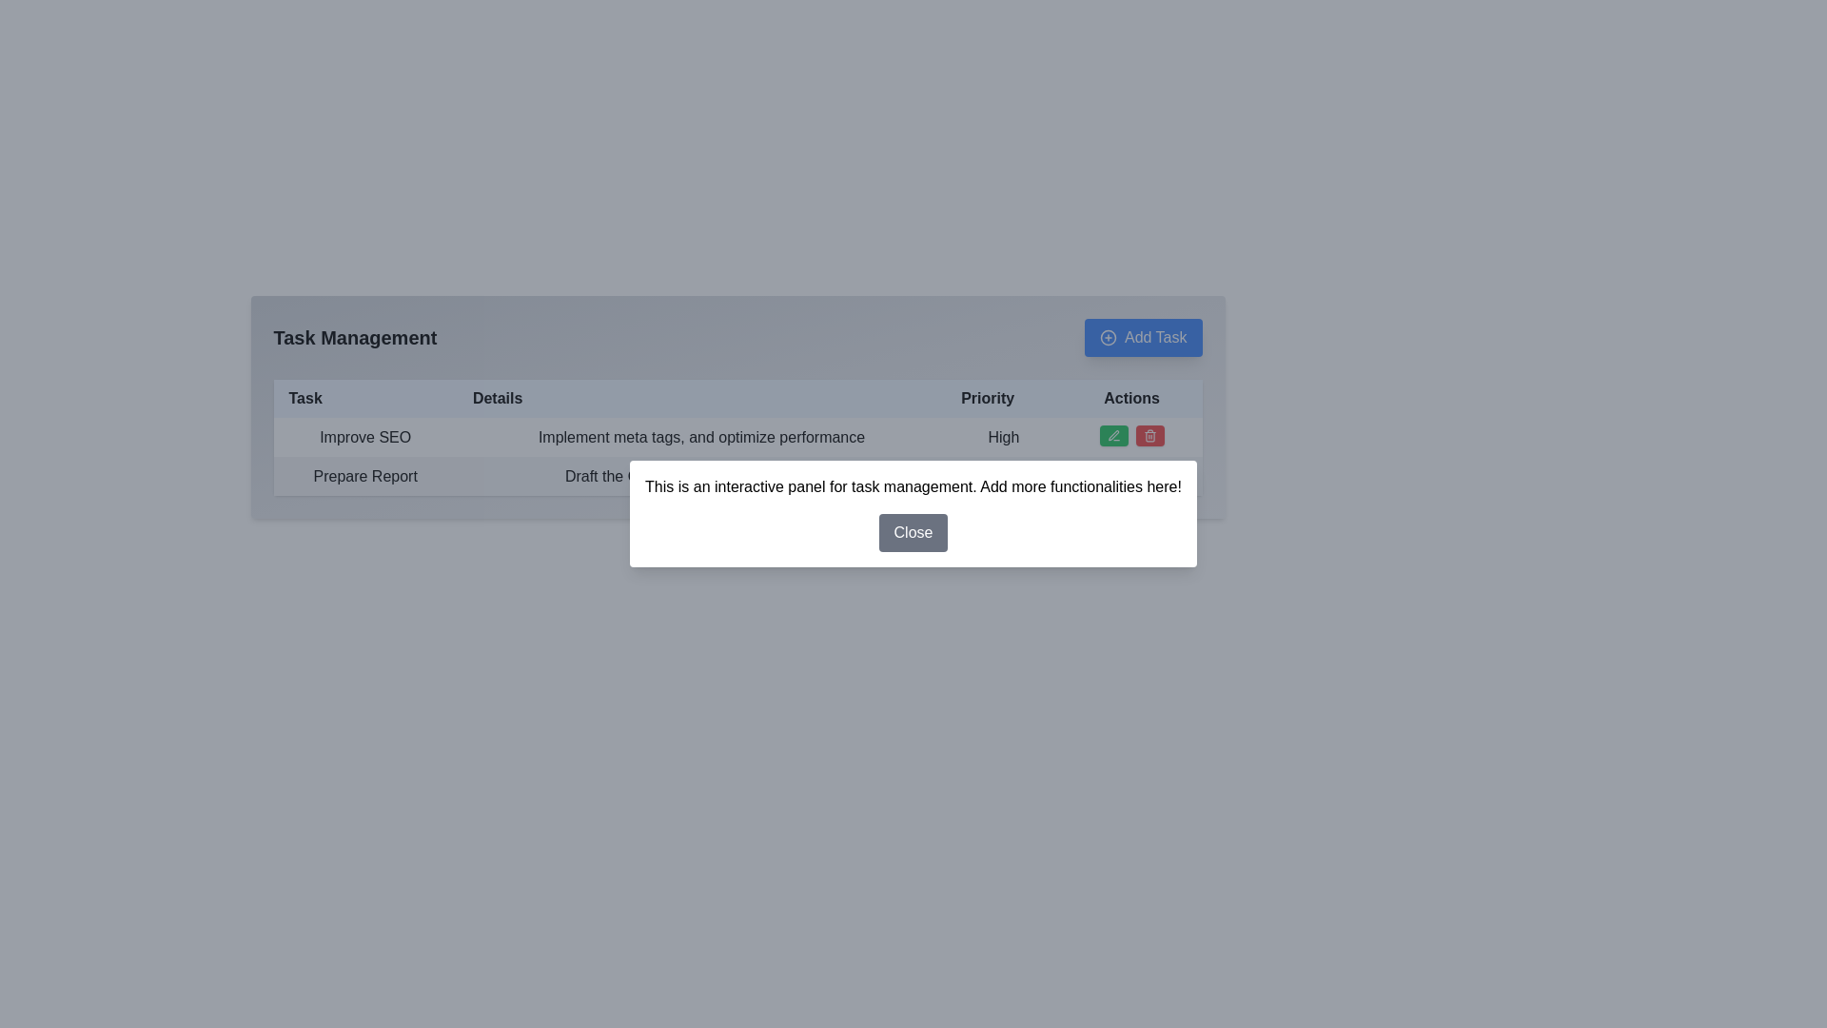  Describe the element at coordinates (1113, 473) in the screenshot. I see `the edit icon located at the center-top of the button in the 'Actions' column of the first row of the table to initiate editing` at that location.